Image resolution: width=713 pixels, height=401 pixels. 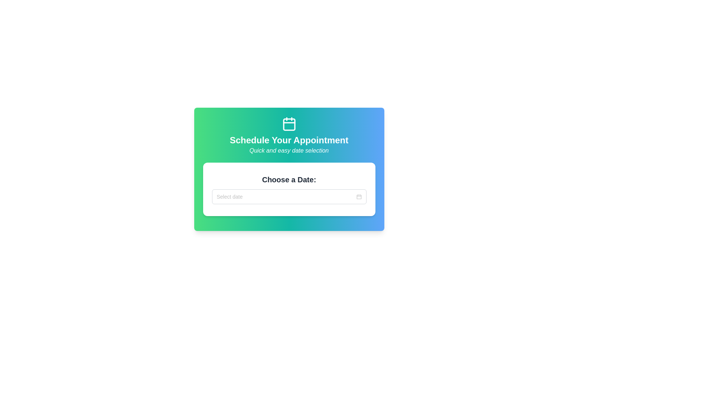 I want to click on the date picker icon located at the right extremity of the 'Select date' input field, so click(x=359, y=196).